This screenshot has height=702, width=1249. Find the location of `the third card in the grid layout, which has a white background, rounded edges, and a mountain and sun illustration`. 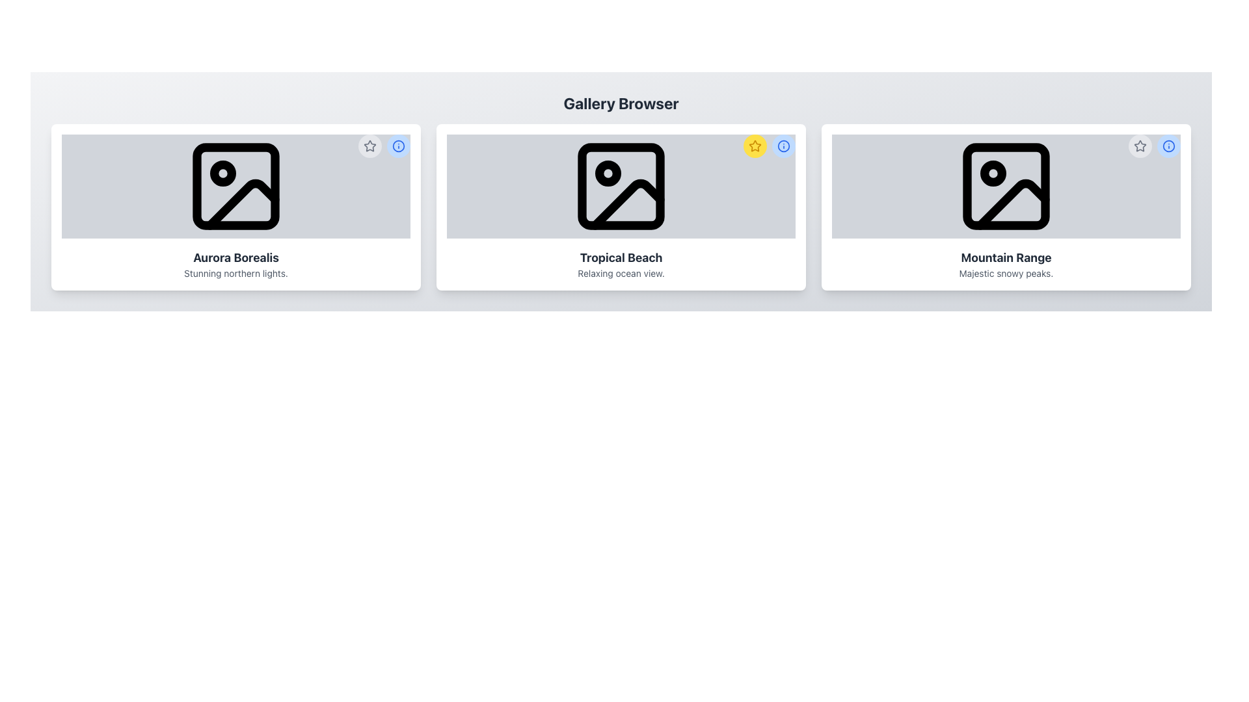

the third card in the grid layout, which has a white background, rounded edges, and a mountain and sun illustration is located at coordinates (1005, 207).